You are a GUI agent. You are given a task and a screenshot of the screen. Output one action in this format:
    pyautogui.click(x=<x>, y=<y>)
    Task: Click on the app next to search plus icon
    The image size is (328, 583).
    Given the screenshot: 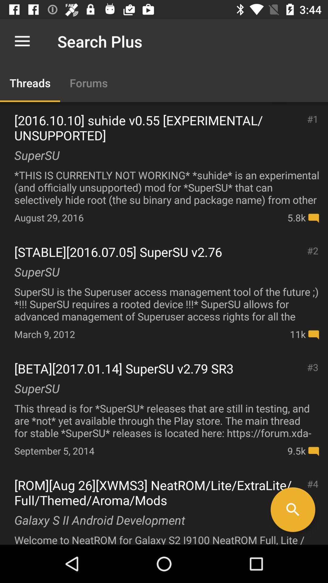 What is the action you would take?
    pyautogui.click(x=22, y=41)
    